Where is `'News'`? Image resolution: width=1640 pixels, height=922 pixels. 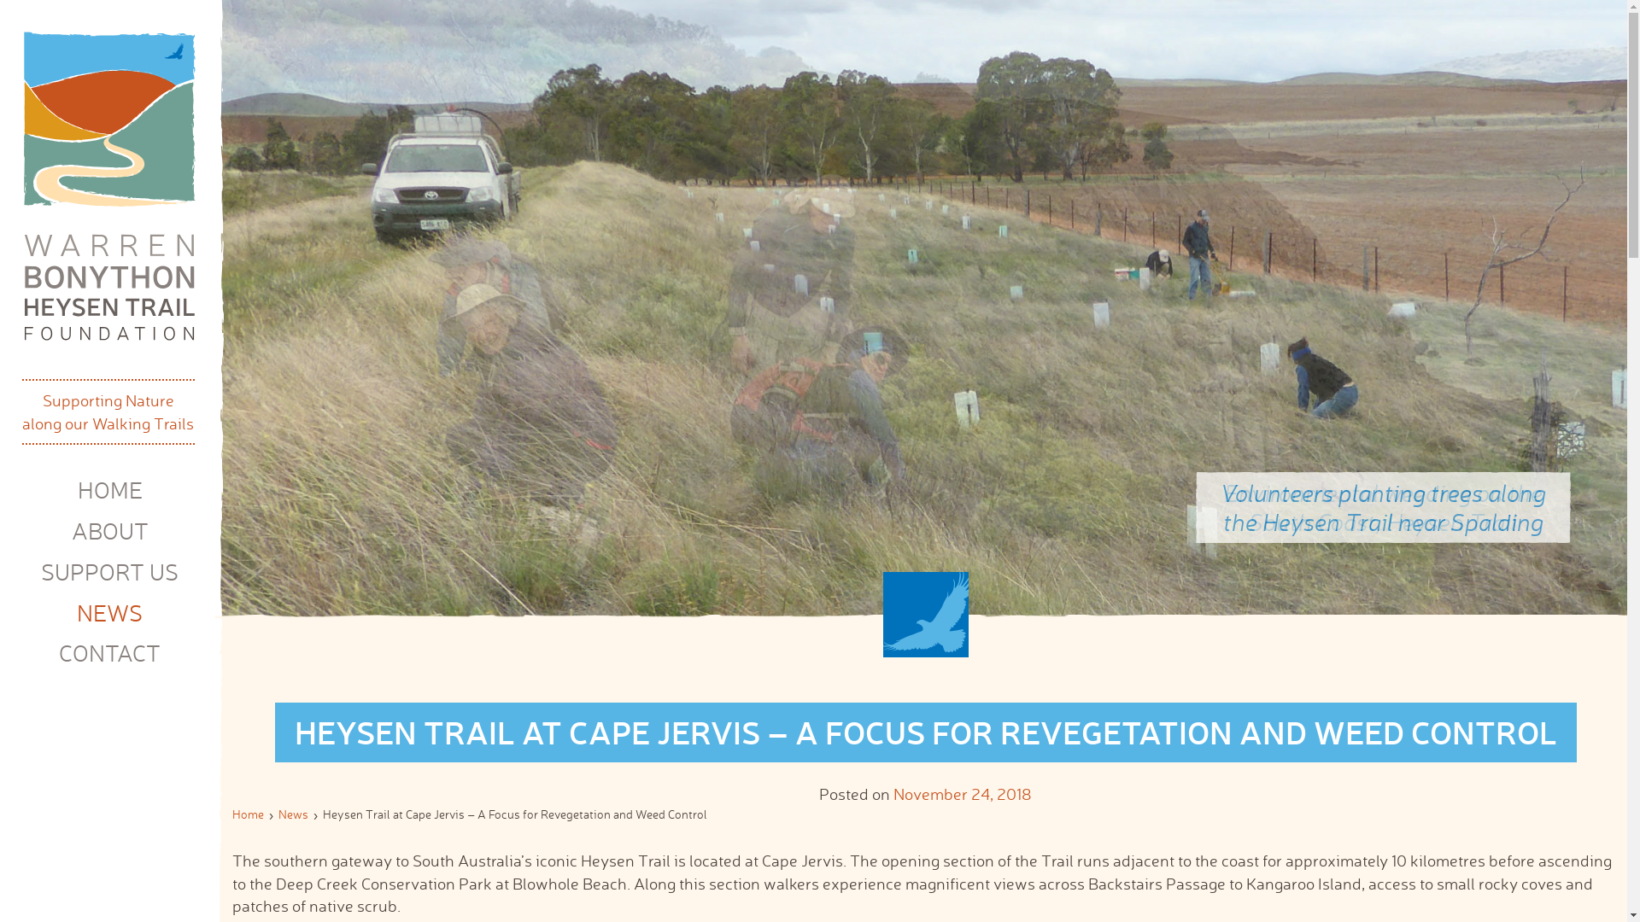 'News' is located at coordinates (293, 813).